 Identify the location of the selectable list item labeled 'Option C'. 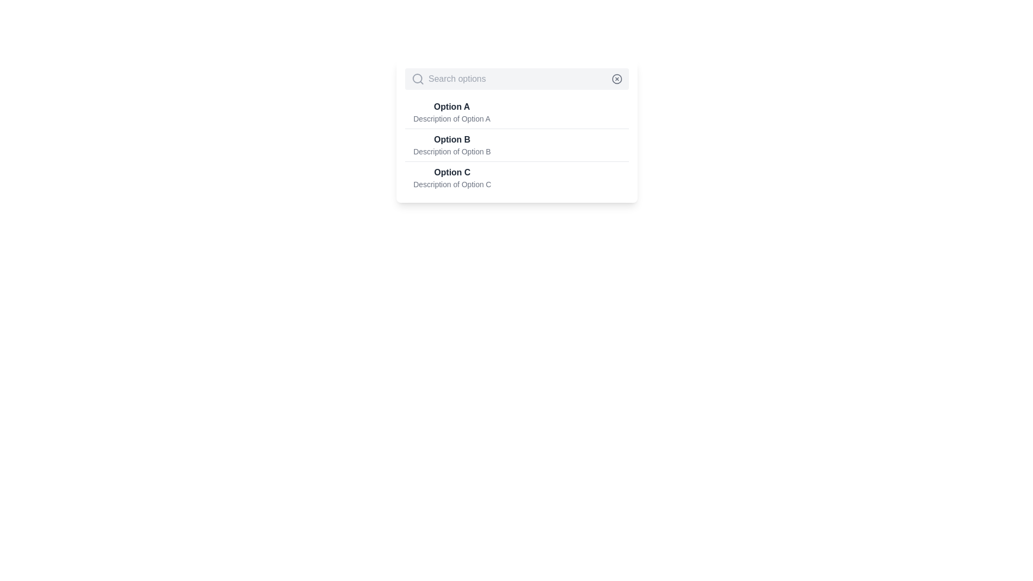
(516, 177).